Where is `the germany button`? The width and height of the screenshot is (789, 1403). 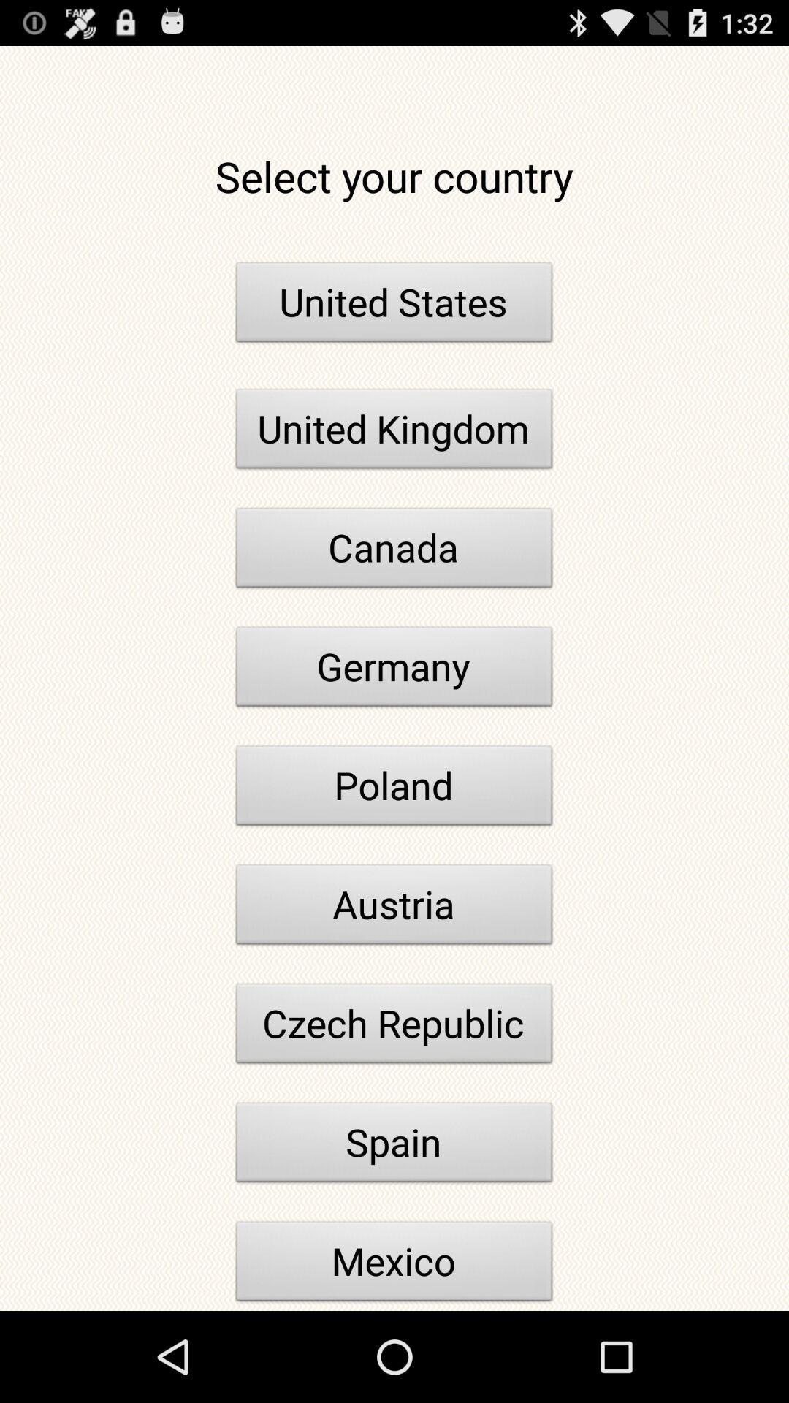 the germany button is located at coordinates (394, 669).